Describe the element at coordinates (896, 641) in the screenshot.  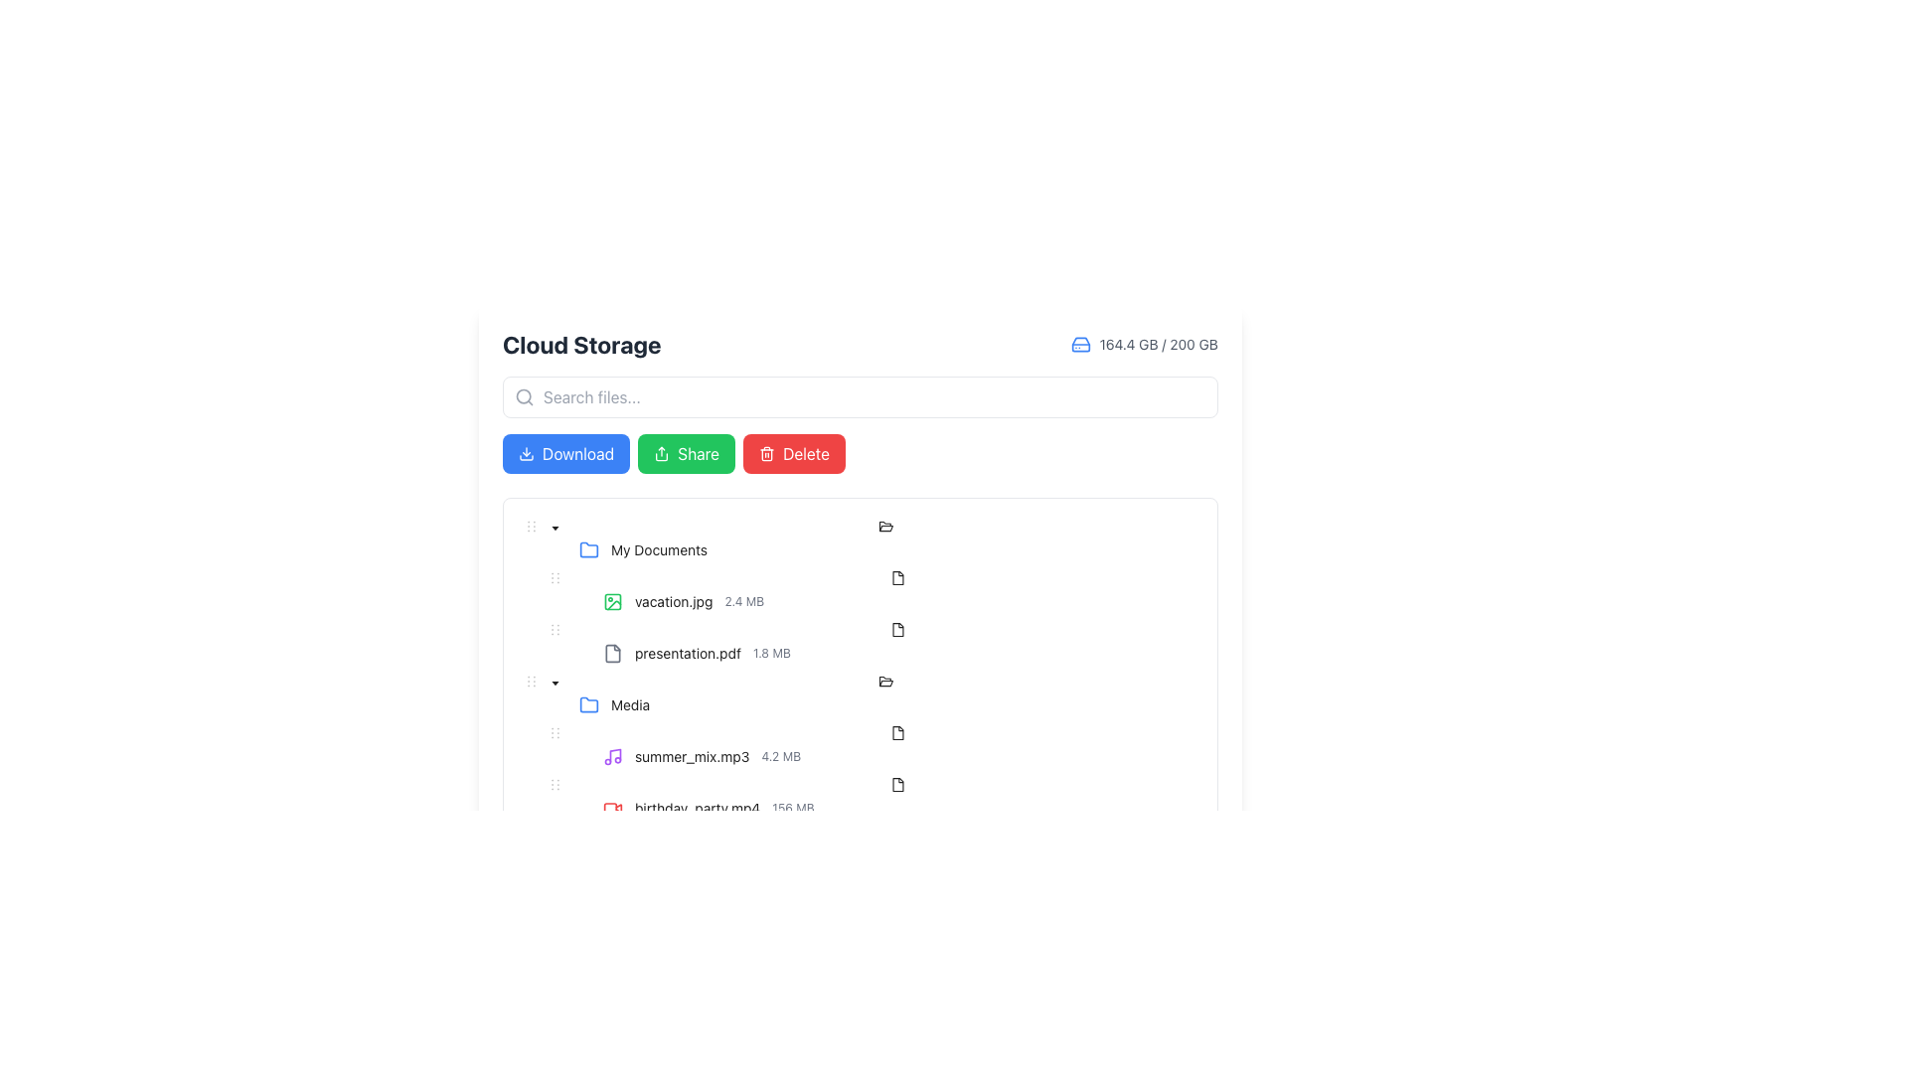
I see `the List Item representing the file 'presentation.pdf' in the file browser` at that location.